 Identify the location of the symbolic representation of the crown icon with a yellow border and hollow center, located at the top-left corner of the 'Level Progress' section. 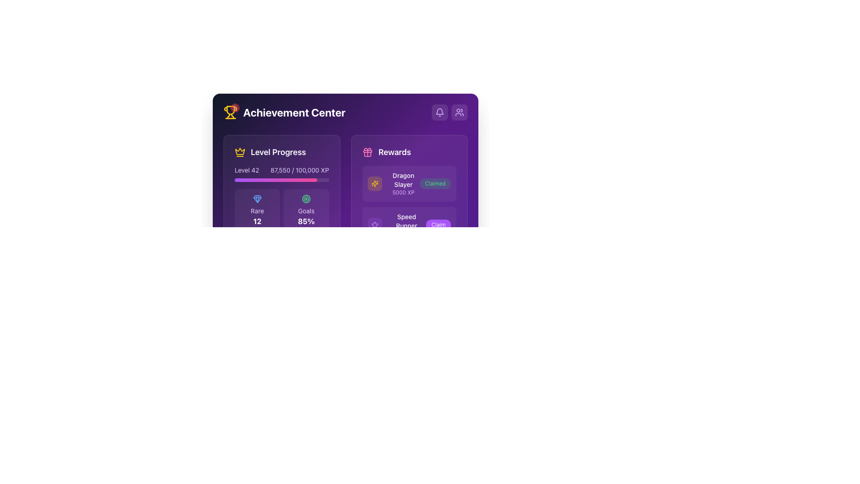
(240, 151).